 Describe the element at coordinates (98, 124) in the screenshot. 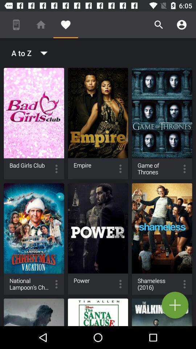

I see `top center button` at that location.